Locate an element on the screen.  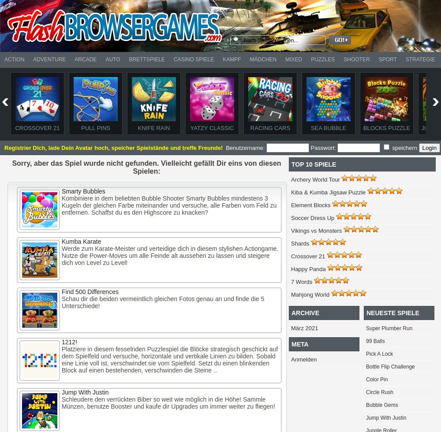
'Sport' is located at coordinates (387, 60).